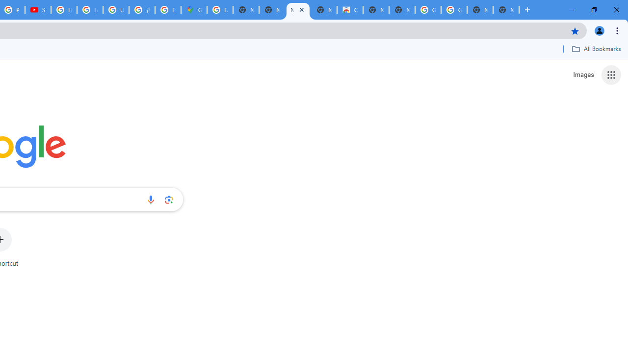 This screenshot has width=628, height=353. What do you see at coordinates (63, 10) in the screenshot?
I see `'How Chrome protects your passwords - Google Chrome Help'` at bounding box center [63, 10].